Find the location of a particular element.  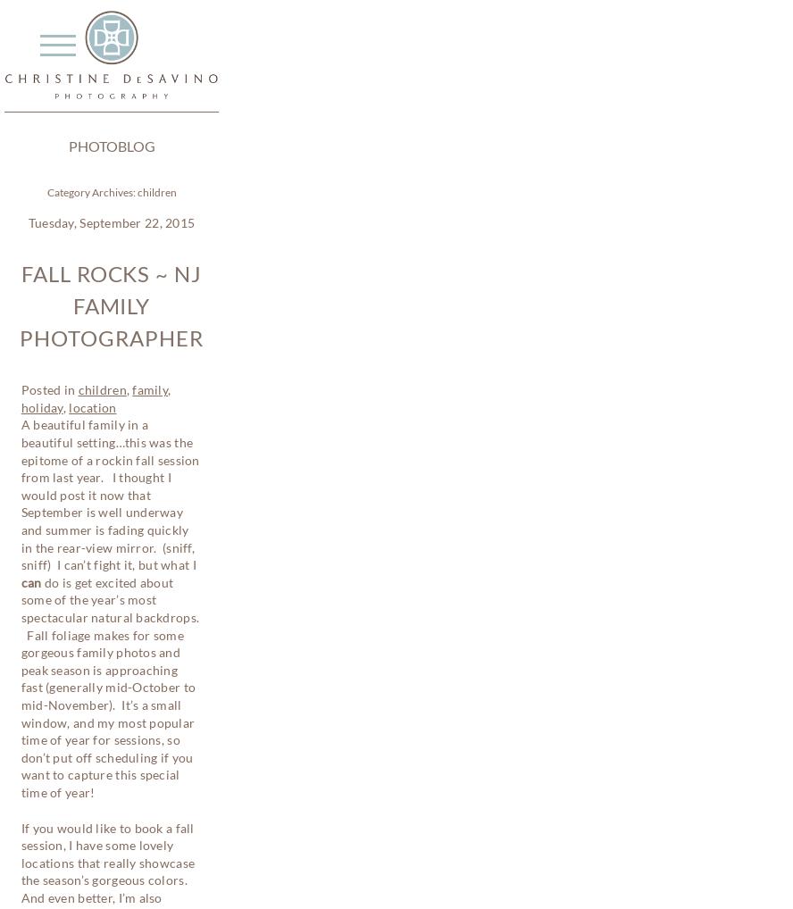

'A beautiful family in a beautiful setting…this was the epitome of a rockin fall session from last year.   I thought I would post it now that September is well underway and summer is fading quickly in the rear-view mirror.  (sniff, sniff)  I can’t fight it, but what I' is located at coordinates (109, 493).